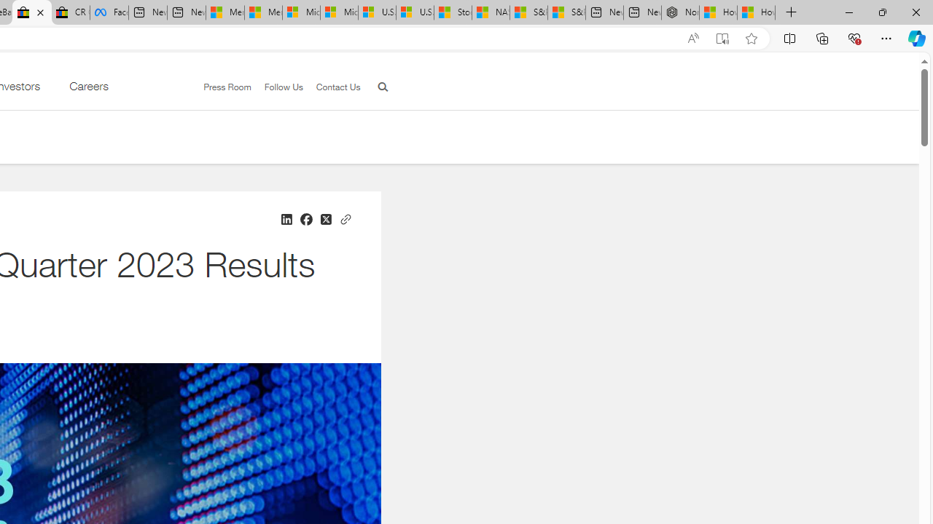 This screenshot has width=933, height=524. Describe the element at coordinates (87, 90) in the screenshot. I see `'Careers'` at that location.